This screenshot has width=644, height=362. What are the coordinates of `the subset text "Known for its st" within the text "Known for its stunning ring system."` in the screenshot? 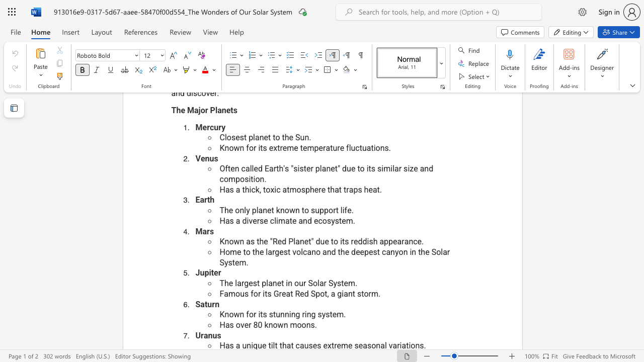 It's located at (219, 314).